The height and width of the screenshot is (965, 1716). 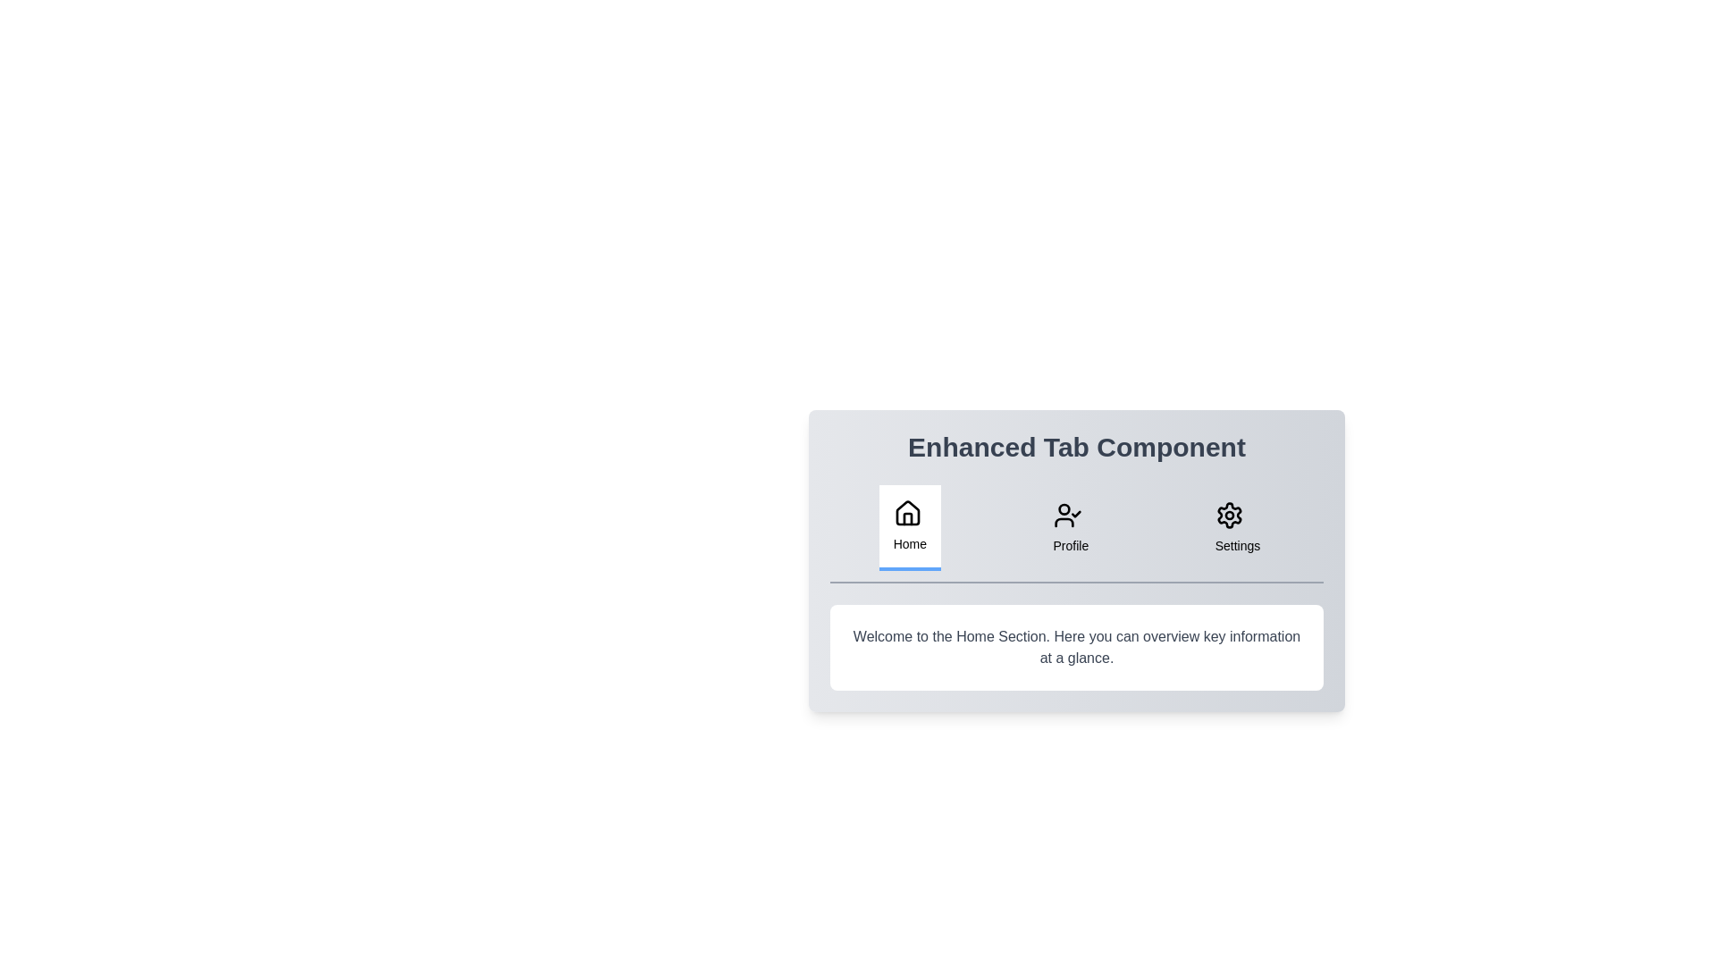 I want to click on the Profile tab to view its content, so click(x=1071, y=526).